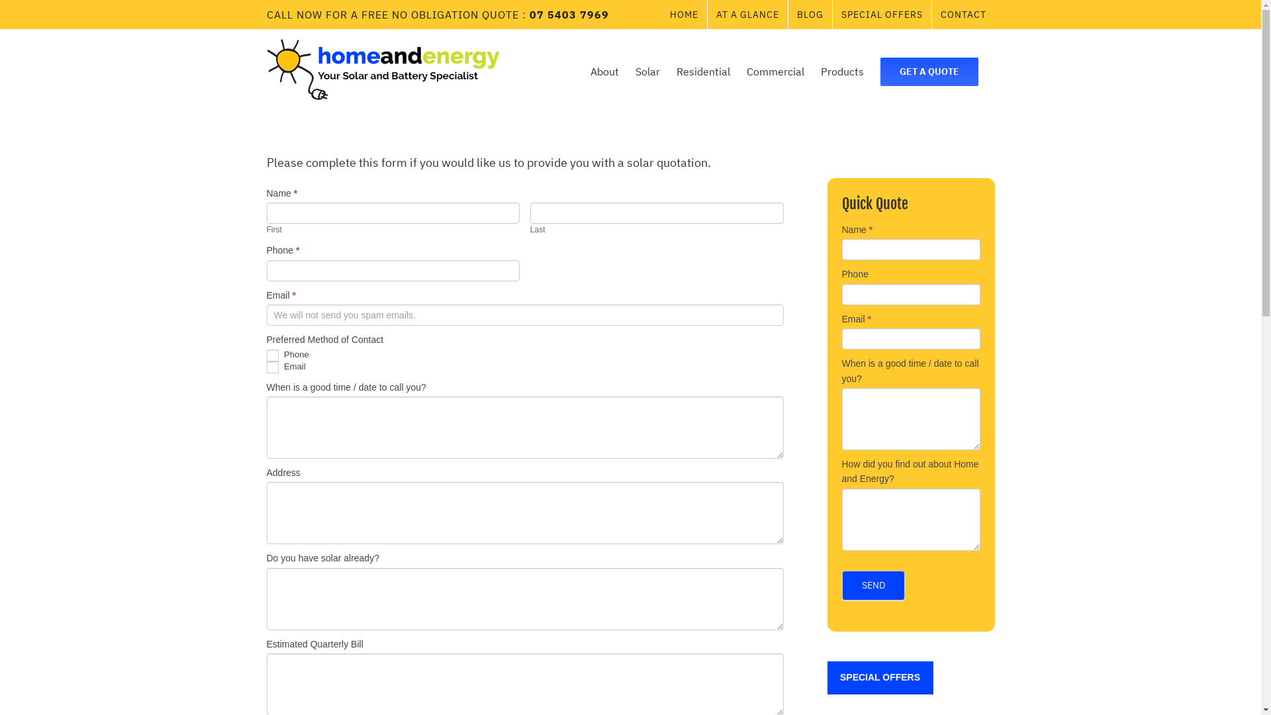 Image resolution: width=1271 pixels, height=715 pixels. I want to click on 'Commercial', so click(775, 71).